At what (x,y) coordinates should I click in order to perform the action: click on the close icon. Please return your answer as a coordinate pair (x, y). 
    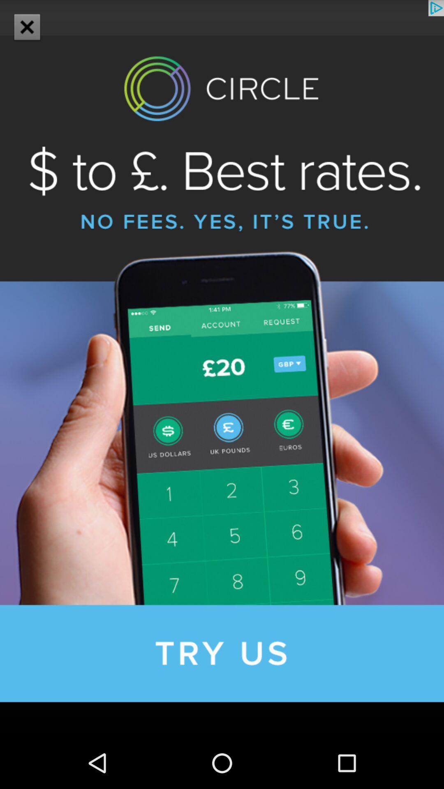
    Looking at the image, I should click on (26, 29).